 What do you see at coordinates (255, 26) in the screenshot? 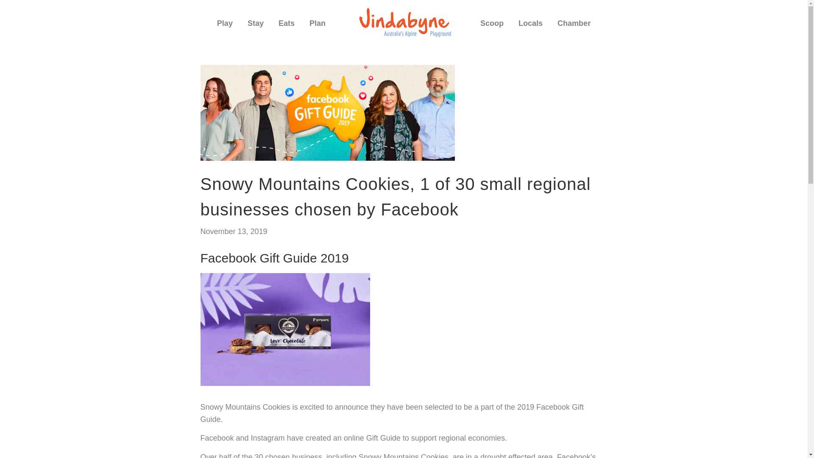
I see `'Stay'` at bounding box center [255, 26].